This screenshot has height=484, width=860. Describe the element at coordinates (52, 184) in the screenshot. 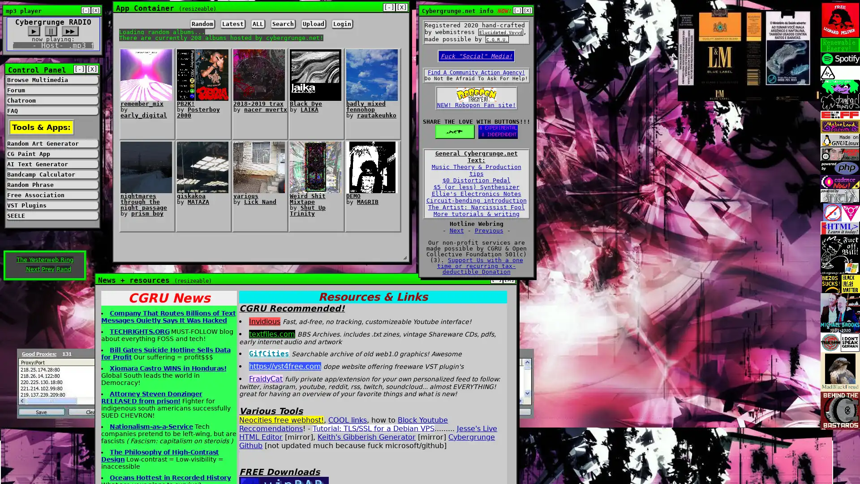

I see `Random Phrase` at that location.